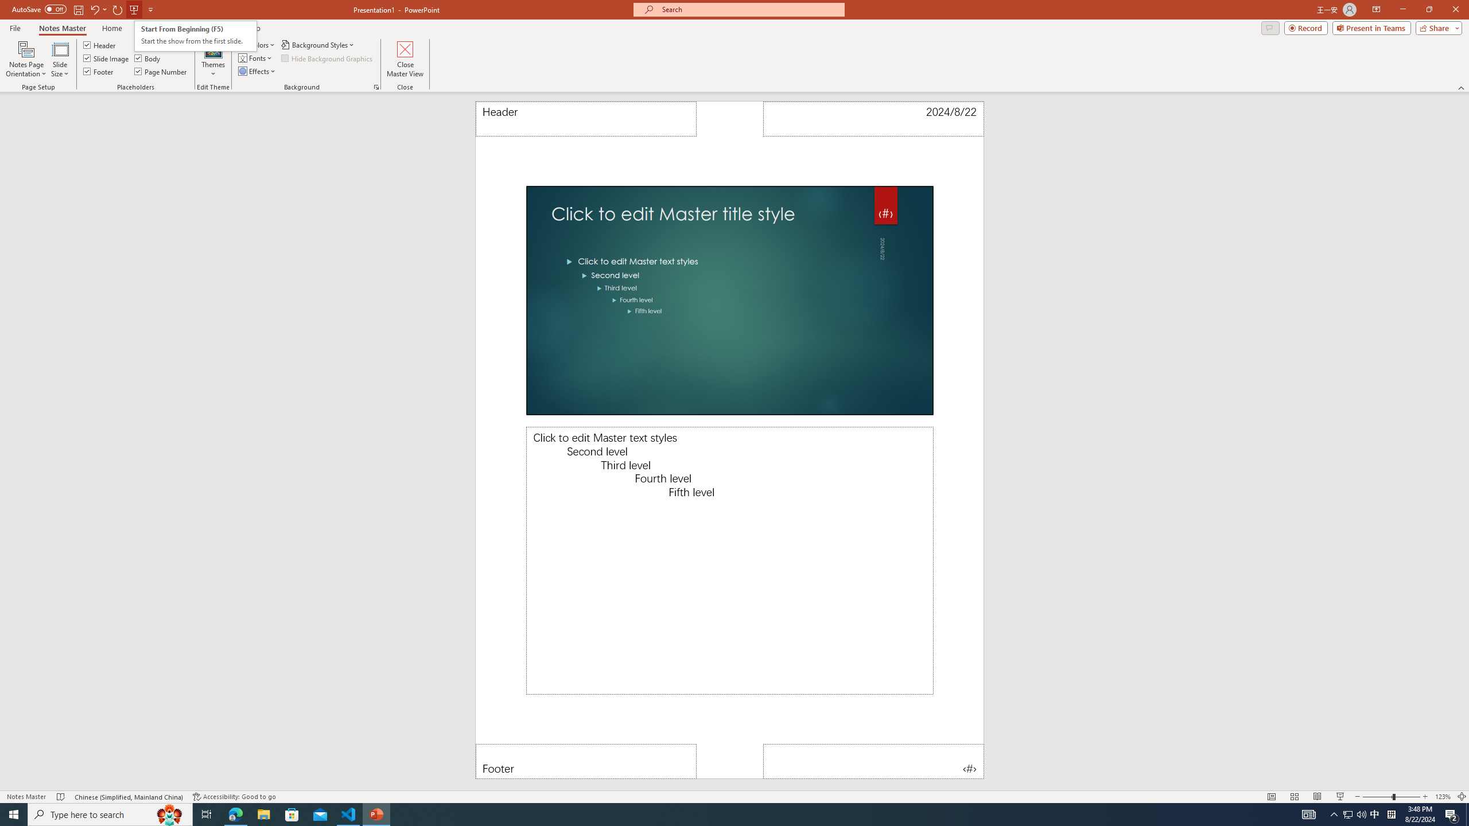 This screenshot has height=826, width=1469. I want to click on 'Hide Background Graphics', so click(327, 57).